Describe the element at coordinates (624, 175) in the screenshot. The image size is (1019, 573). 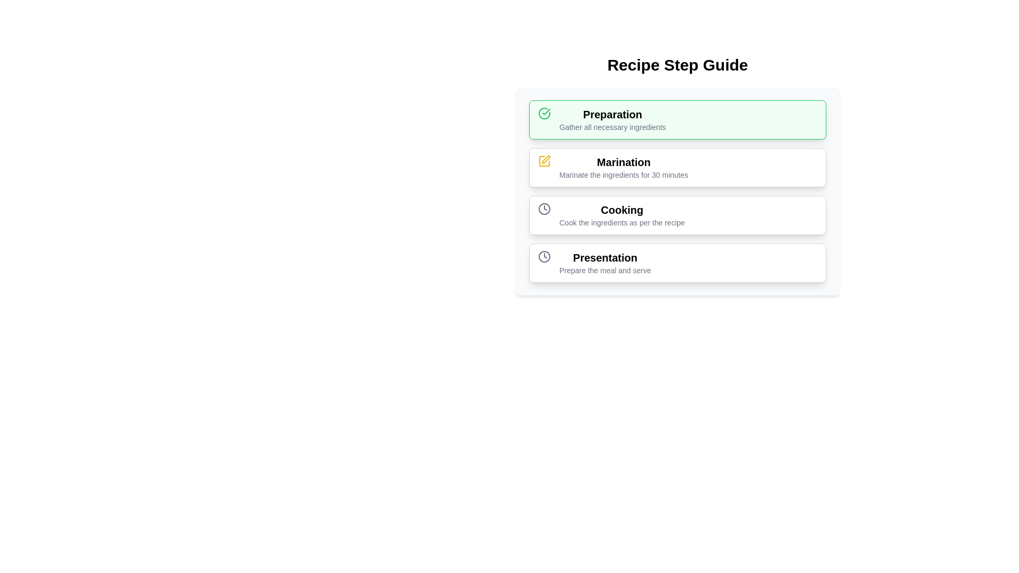
I see `the Text Description element that provides detailed instructions for the 'Marination' step in the recipe guide` at that location.